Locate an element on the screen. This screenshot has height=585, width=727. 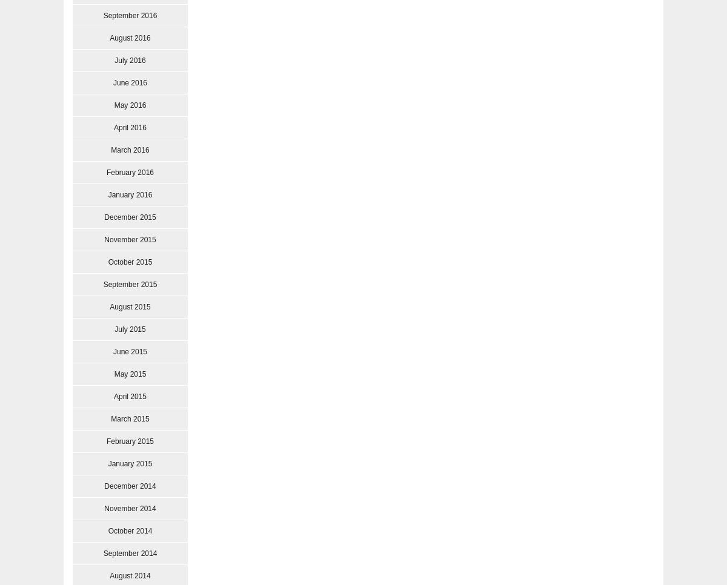
'July 2015' is located at coordinates (129, 329).